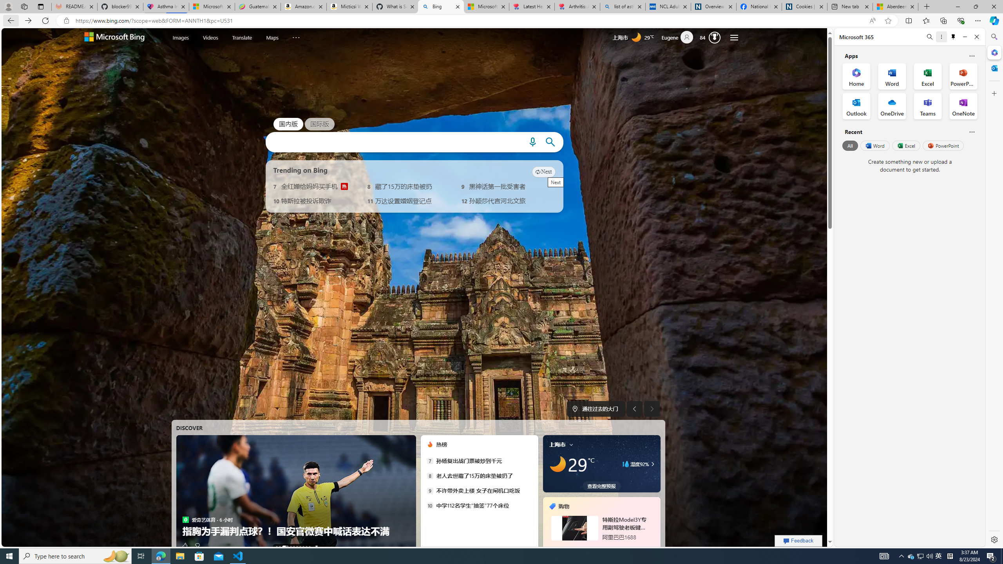 Image resolution: width=1003 pixels, height=564 pixels. What do you see at coordinates (712, 37) in the screenshot?
I see `'Microsoft Rewards 84'` at bounding box center [712, 37].